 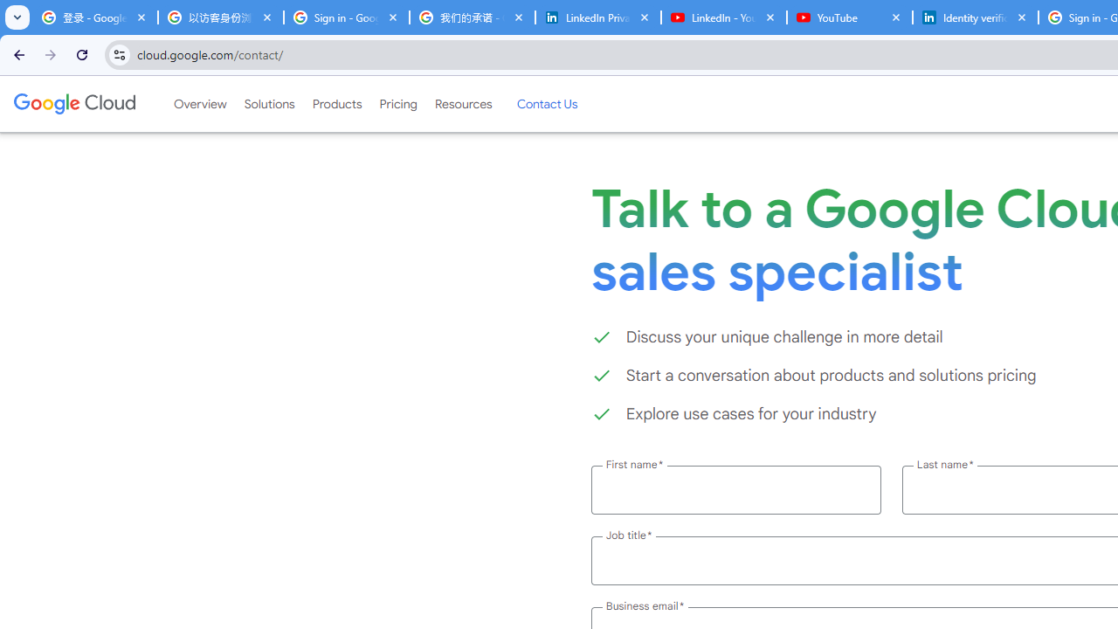 What do you see at coordinates (546, 104) in the screenshot?
I see `'Contact Us'` at bounding box center [546, 104].